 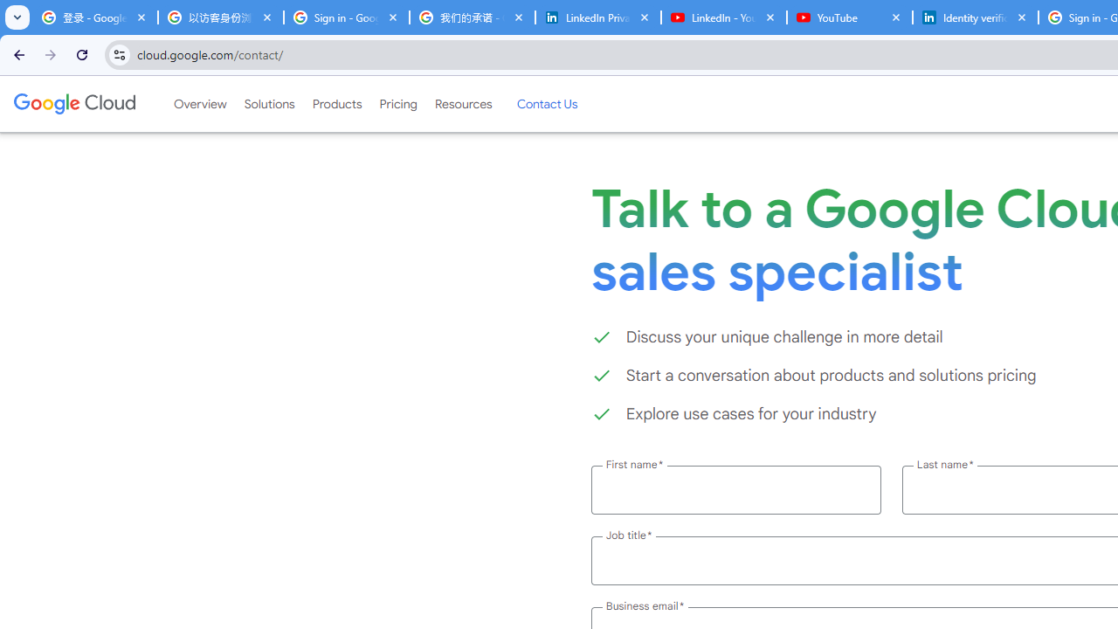 What do you see at coordinates (546, 104) in the screenshot?
I see `'Contact Us'` at bounding box center [546, 104].